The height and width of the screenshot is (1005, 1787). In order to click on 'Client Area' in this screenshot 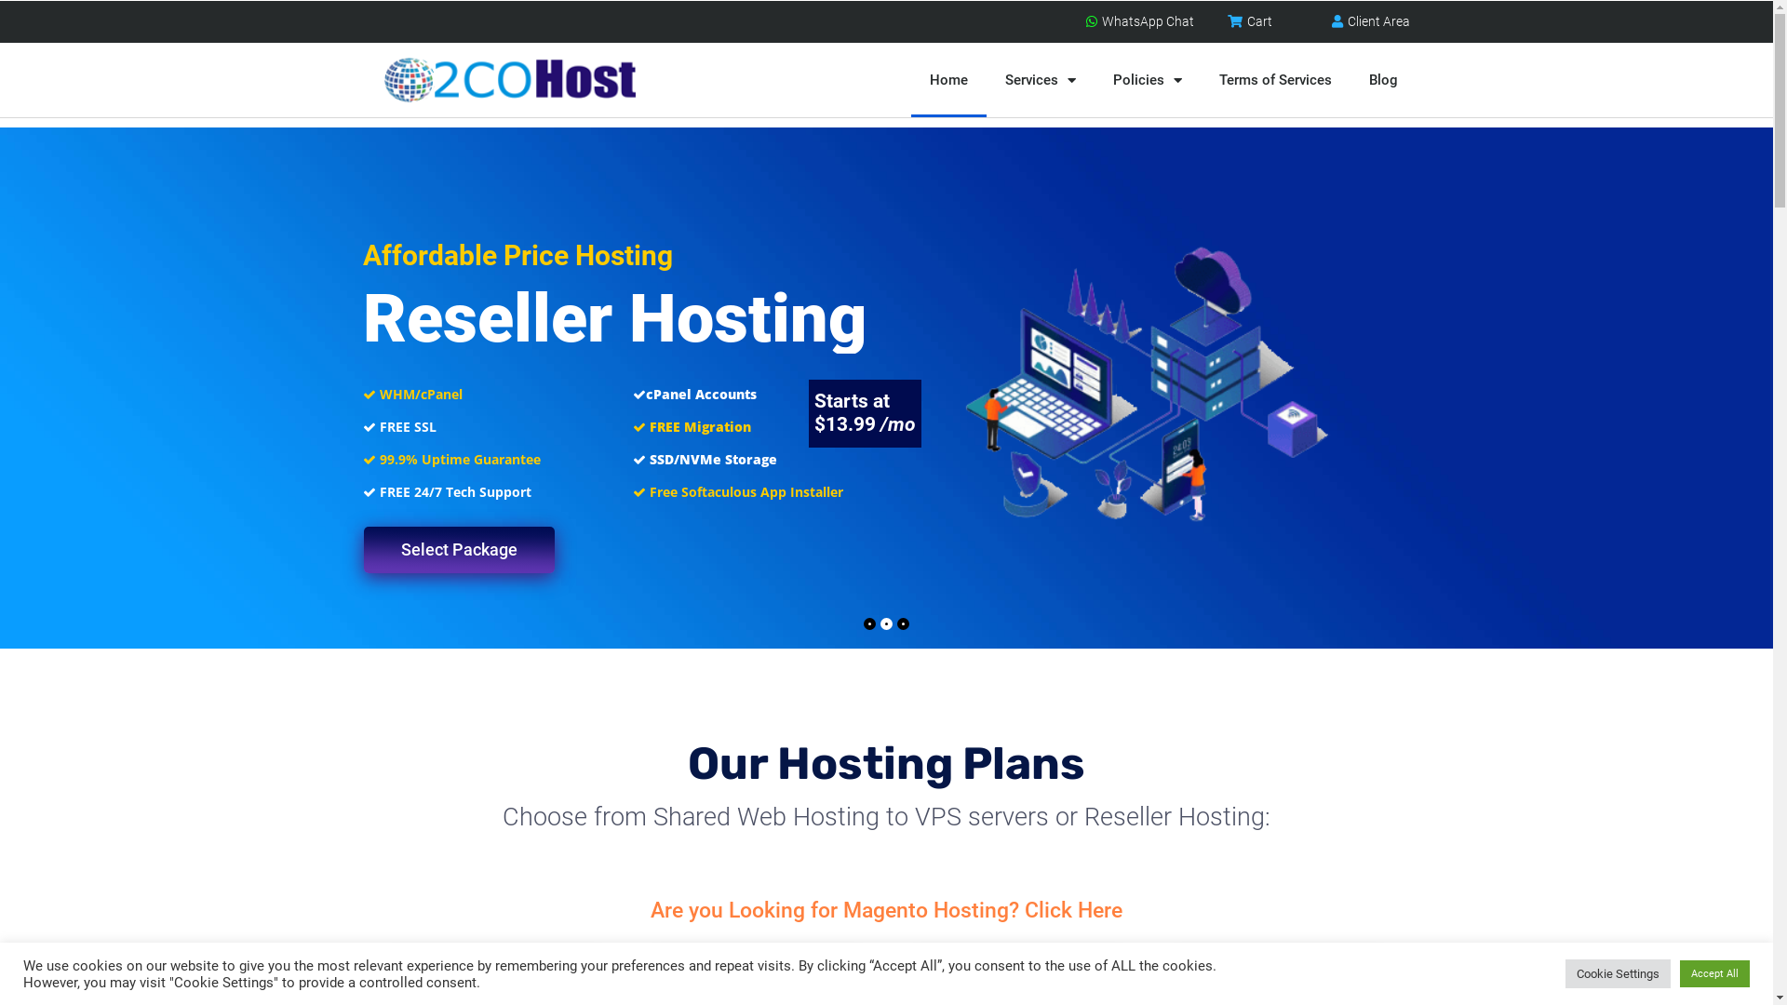, I will do `click(1367, 21)`.